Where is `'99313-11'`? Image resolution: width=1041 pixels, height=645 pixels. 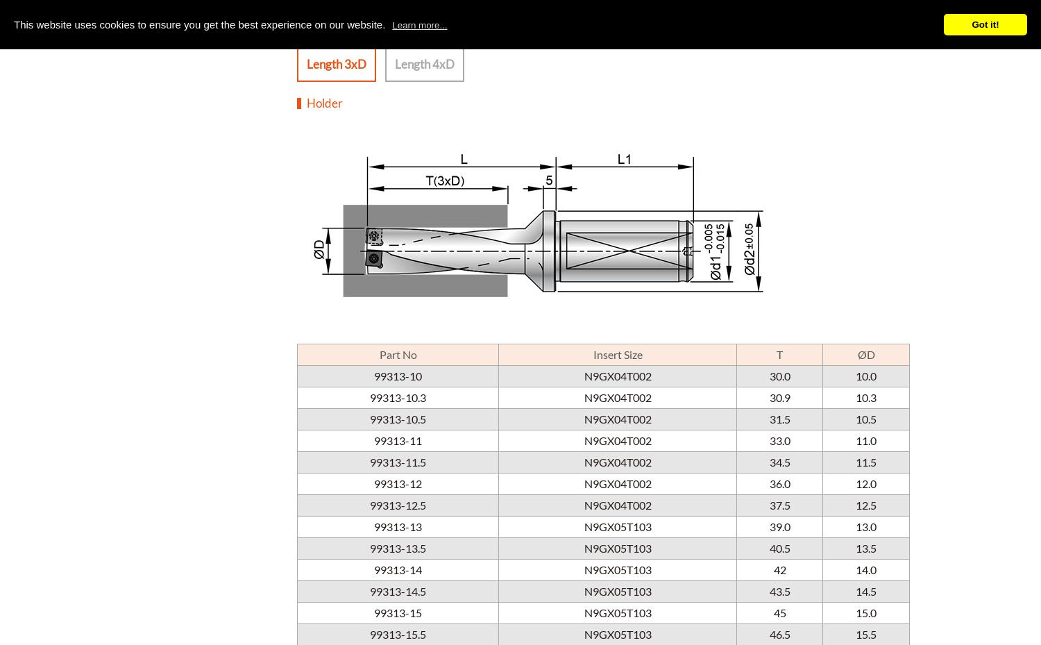
'99313-11' is located at coordinates (397, 439).